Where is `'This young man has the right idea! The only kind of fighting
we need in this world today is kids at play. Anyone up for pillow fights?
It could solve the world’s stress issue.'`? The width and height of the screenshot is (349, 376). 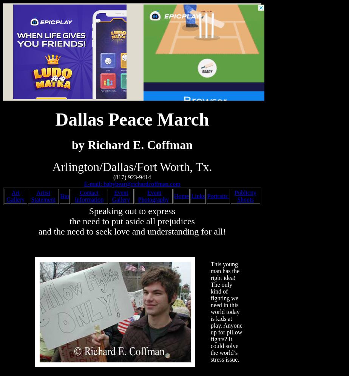
'This young man has the right idea! The only kind of fighting
we need in this world today is kids at play. Anyone up for pillow fights?
It could solve the world’s stress issue.' is located at coordinates (226, 311).